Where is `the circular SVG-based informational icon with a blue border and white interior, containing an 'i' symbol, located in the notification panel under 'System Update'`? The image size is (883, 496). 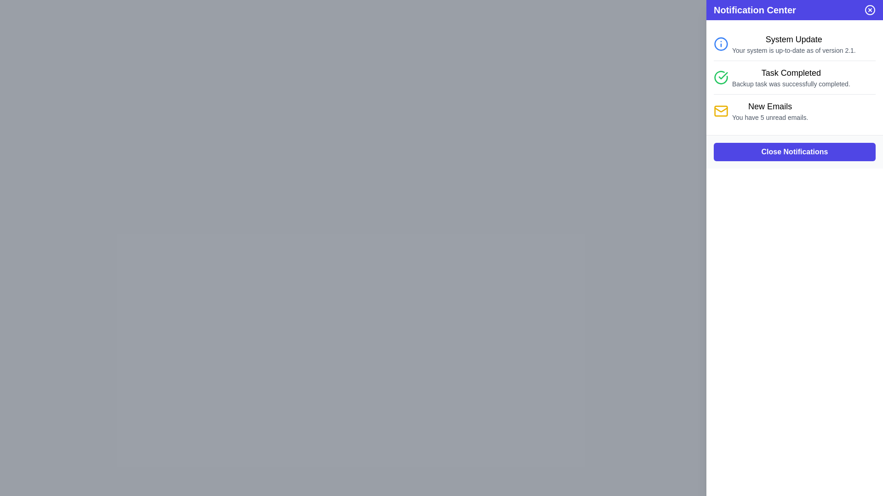 the circular SVG-based informational icon with a blue border and white interior, containing an 'i' symbol, located in the notification panel under 'System Update' is located at coordinates (721, 44).